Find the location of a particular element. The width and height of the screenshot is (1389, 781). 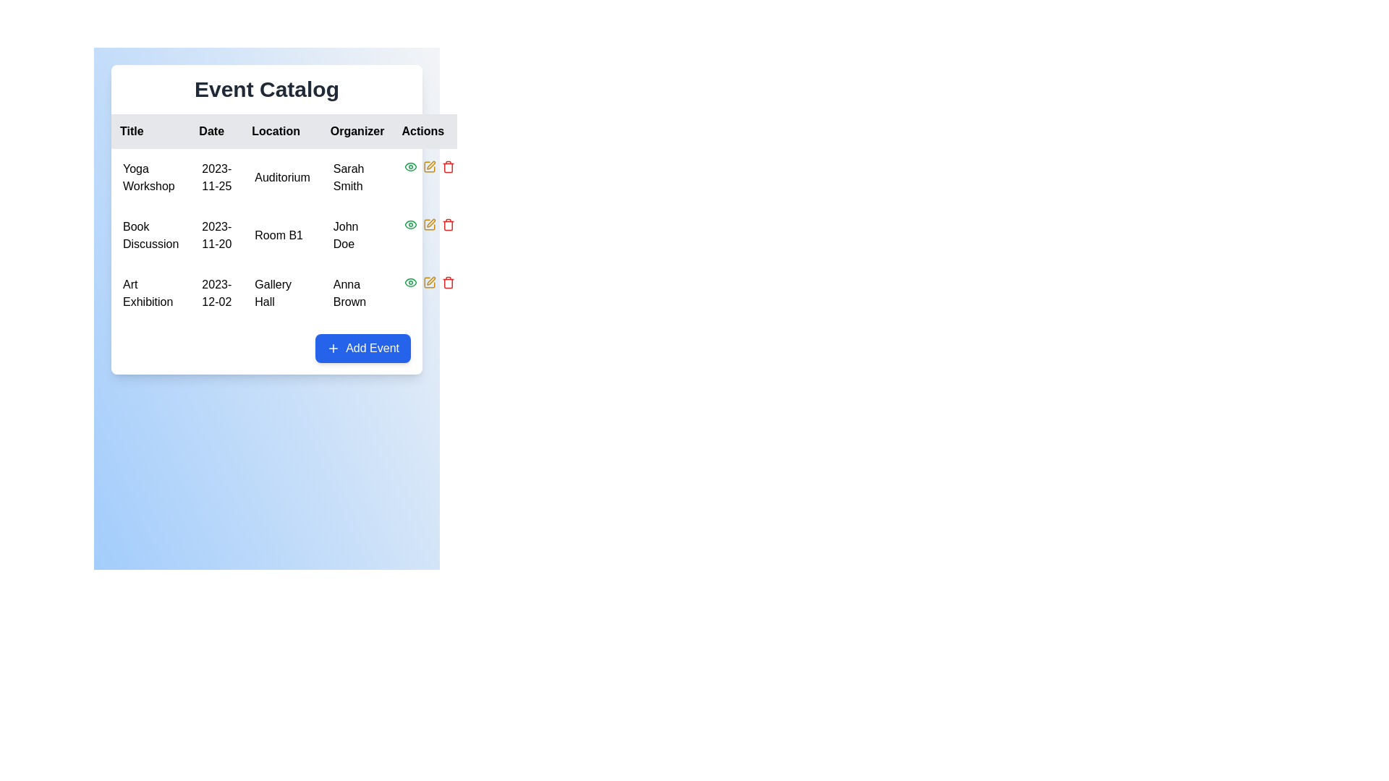

the edit icon button in the 'Actions' column of the 'Art Exhibition' row is located at coordinates (429, 282).